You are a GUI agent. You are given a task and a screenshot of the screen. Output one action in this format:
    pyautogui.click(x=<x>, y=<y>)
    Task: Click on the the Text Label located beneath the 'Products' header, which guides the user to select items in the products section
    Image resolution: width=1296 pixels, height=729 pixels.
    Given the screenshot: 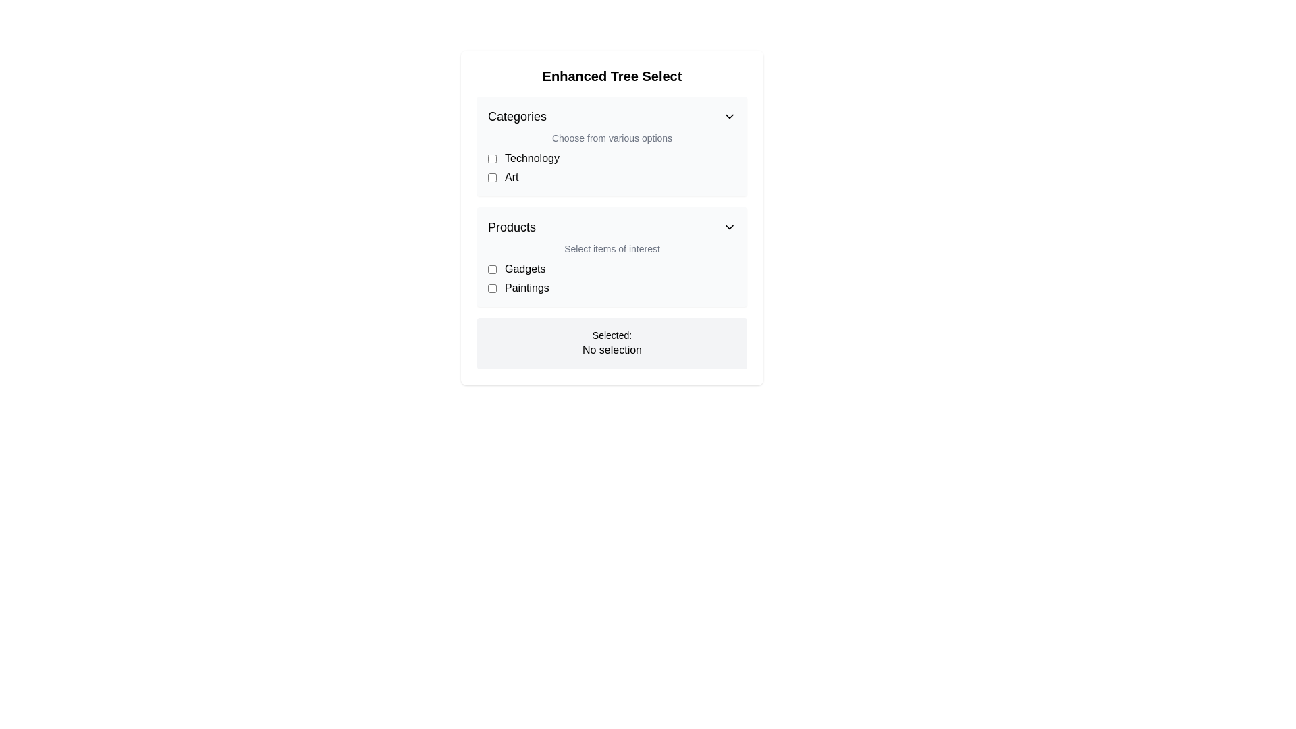 What is the action you would take?
    pyautogui.click(x=612, y=249)
    